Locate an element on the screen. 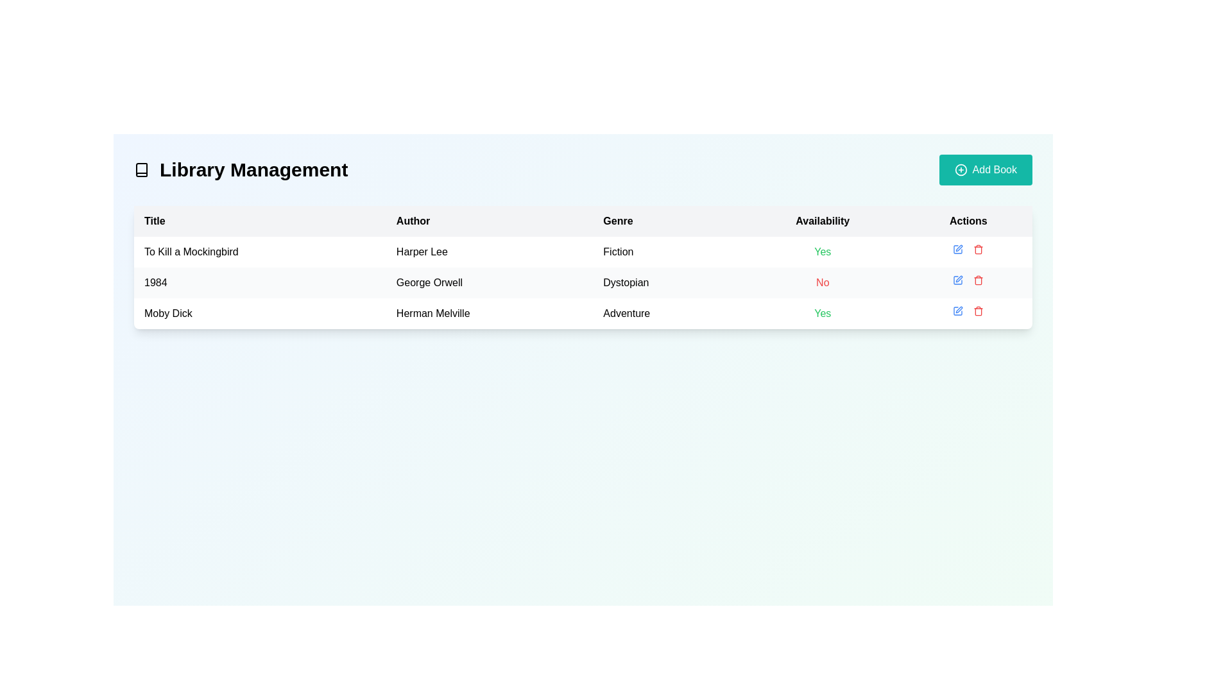 Image resolution: width=1232 pixels, height=693 pixels. the blue icon in the Action Button Group located in the rightmost cell of the first row under the 'Actions' header is located at coordinates (968, 250).